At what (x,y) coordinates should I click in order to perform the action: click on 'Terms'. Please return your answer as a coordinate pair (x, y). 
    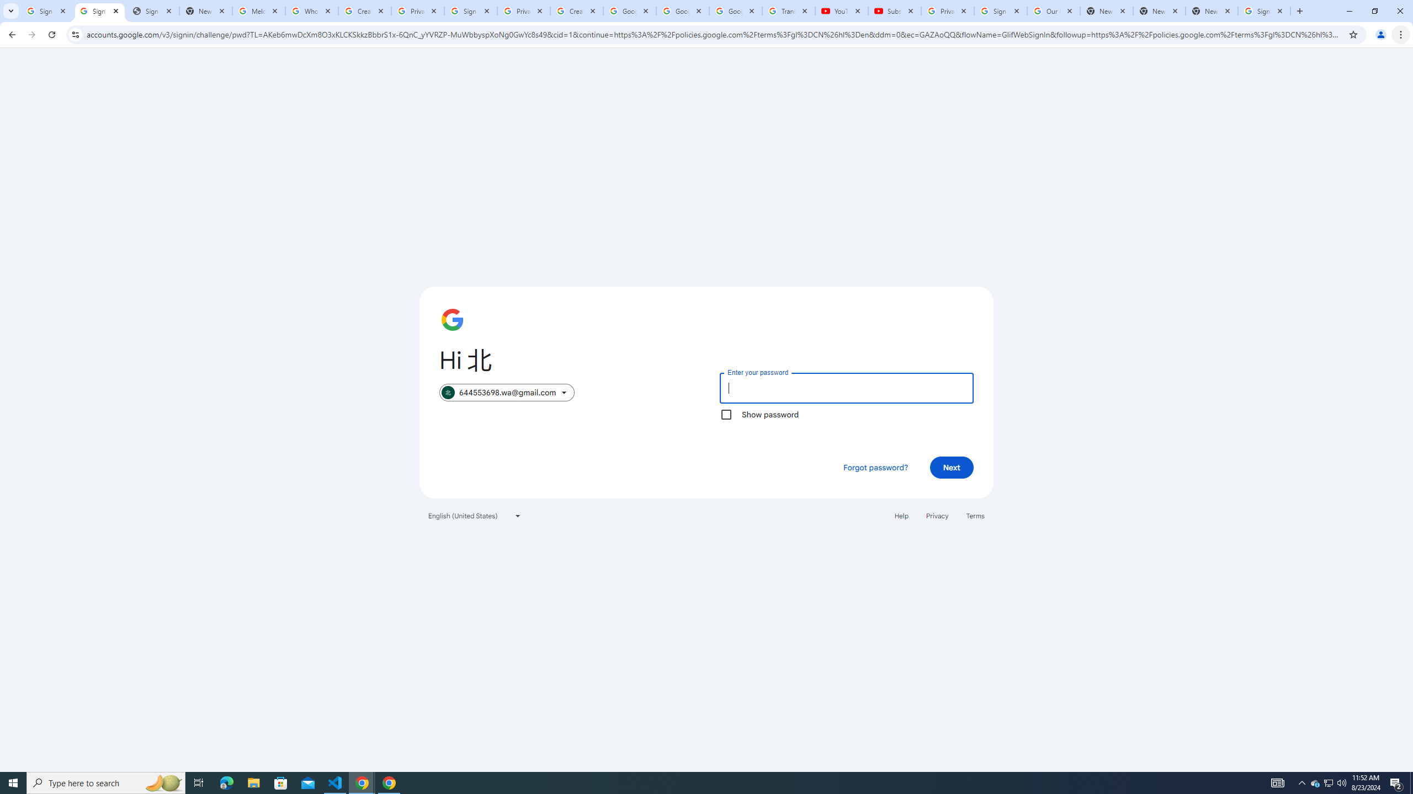
    Looking at the image, I should click on (975, 515).